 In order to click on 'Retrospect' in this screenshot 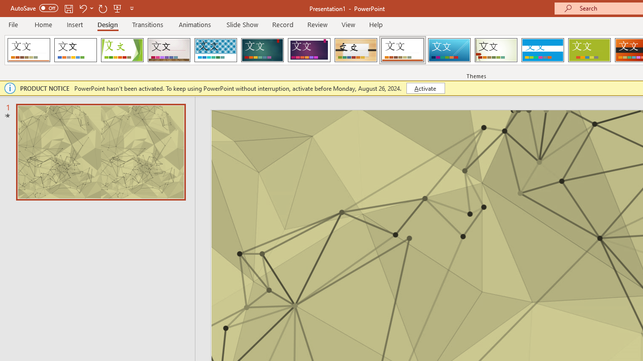, I will do `click(402, 50)`.